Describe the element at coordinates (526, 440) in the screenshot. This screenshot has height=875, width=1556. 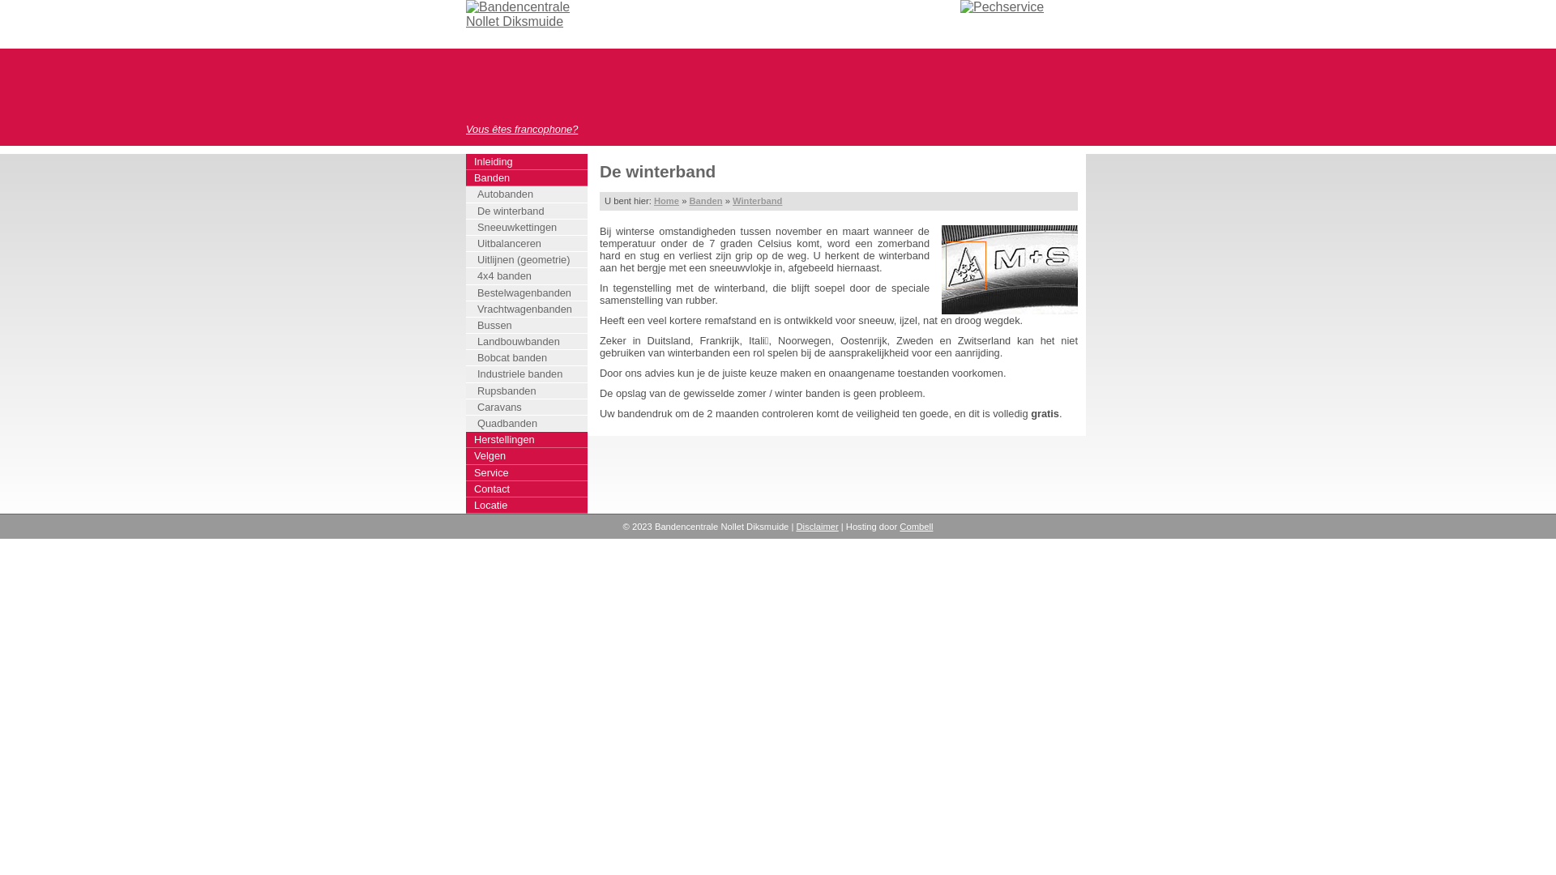
I see `'Herstellingen'` at that location.